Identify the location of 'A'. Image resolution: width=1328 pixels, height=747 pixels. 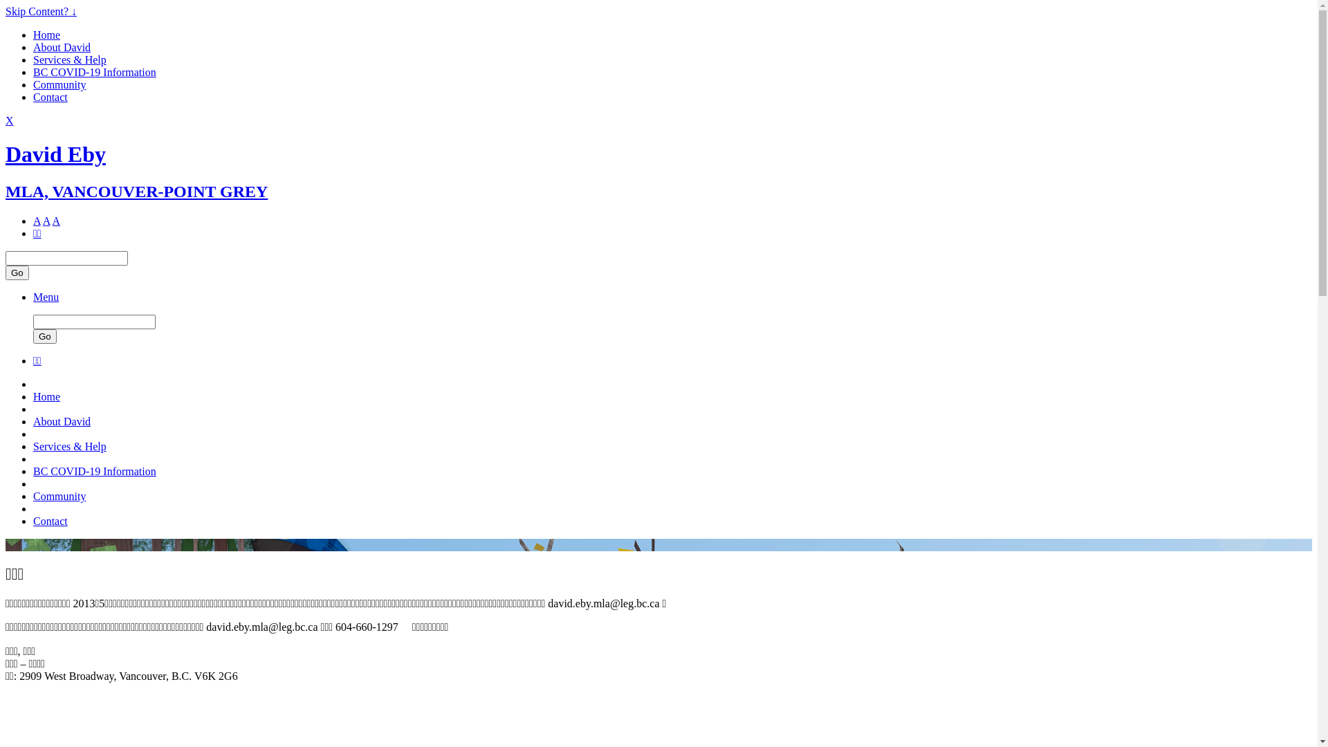
(33, 220).